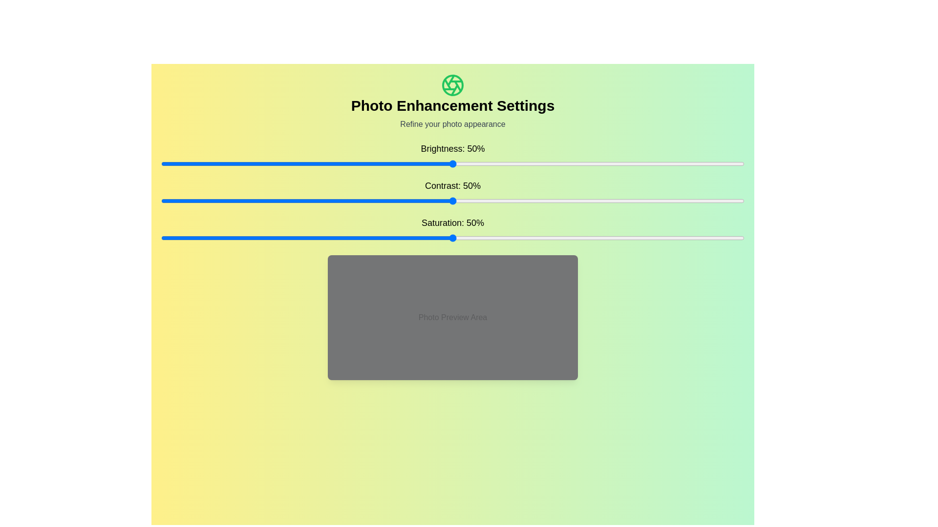 The height and width of the screenshot is (527, 938). I want to click on the saturation slider to 52%, so click(464, 238).